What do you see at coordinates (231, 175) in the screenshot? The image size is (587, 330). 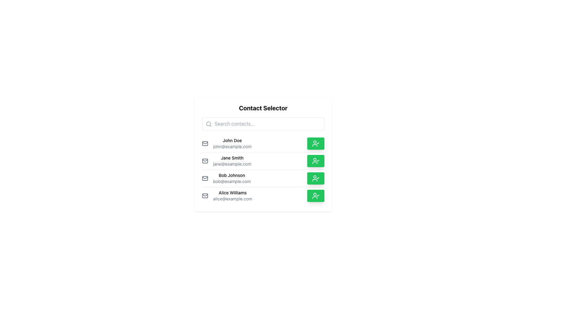 I see `the Static Text Label displaying the name 'Bob Johnson', which is located in the third row of the contact selection list` at bounding box center [231, 175].